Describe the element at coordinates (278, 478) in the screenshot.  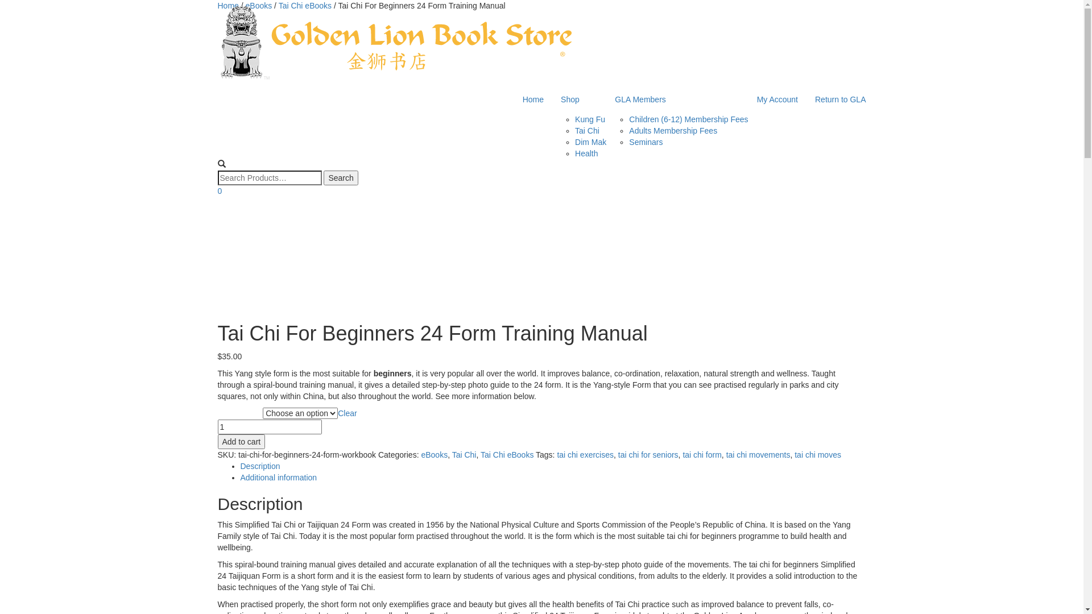
I see `'Additional information'` at that location.